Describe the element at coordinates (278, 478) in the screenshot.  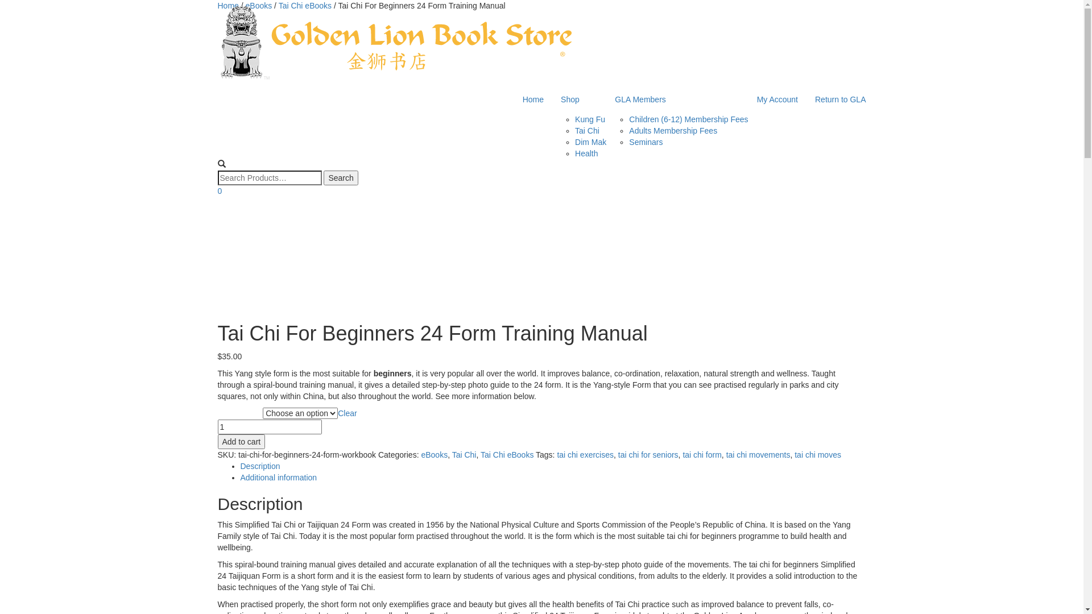
I see `'Additional information'` at that location.